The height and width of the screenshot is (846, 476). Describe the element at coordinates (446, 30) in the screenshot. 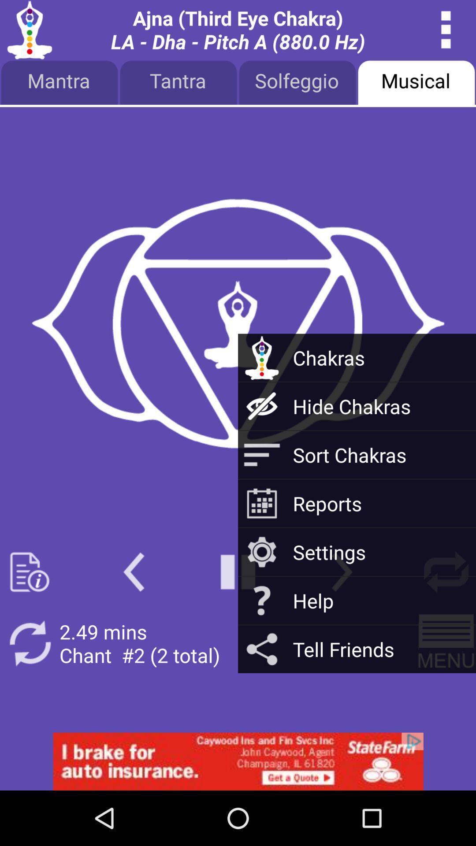

I see `see more options` at that location.